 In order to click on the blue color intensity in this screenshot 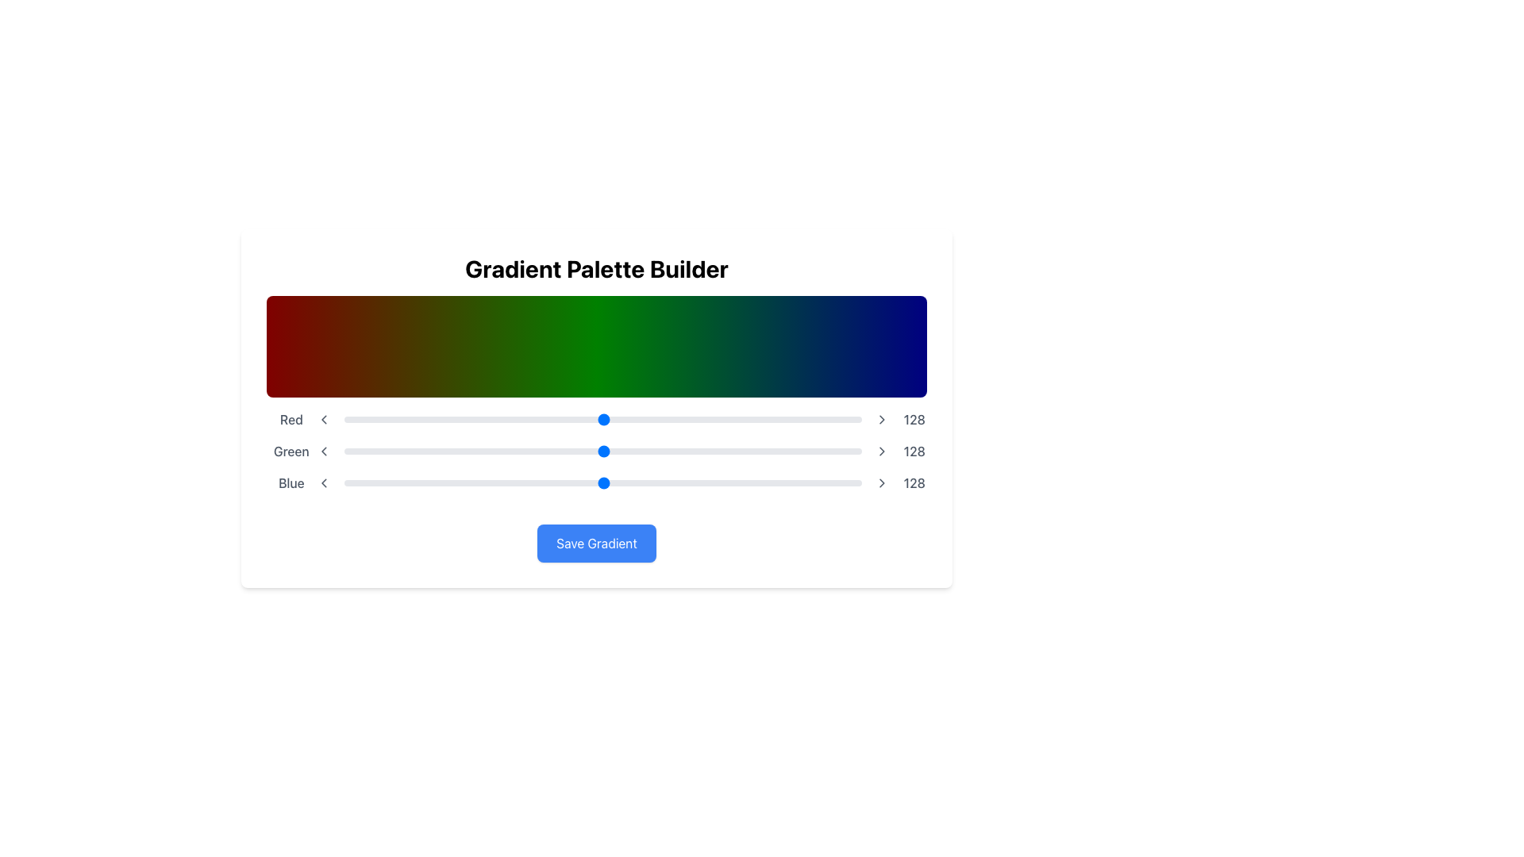, I will do `click(846, 479)`.